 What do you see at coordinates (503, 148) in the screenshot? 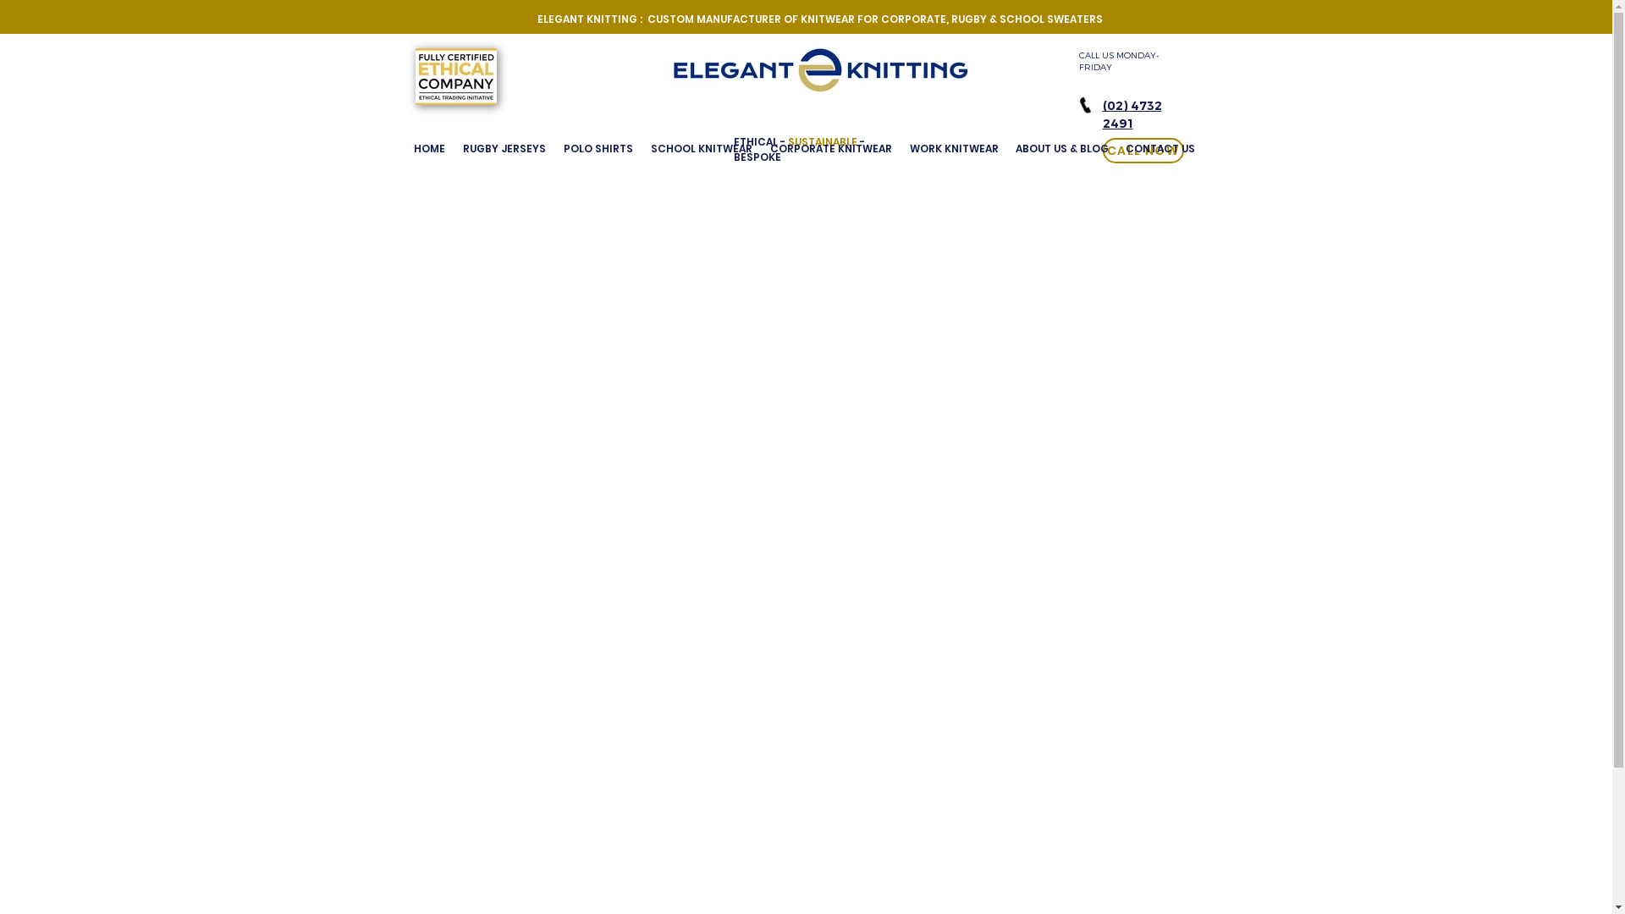
I see `'RUGBY JERSEYS'` at bounding box center [503, 148].